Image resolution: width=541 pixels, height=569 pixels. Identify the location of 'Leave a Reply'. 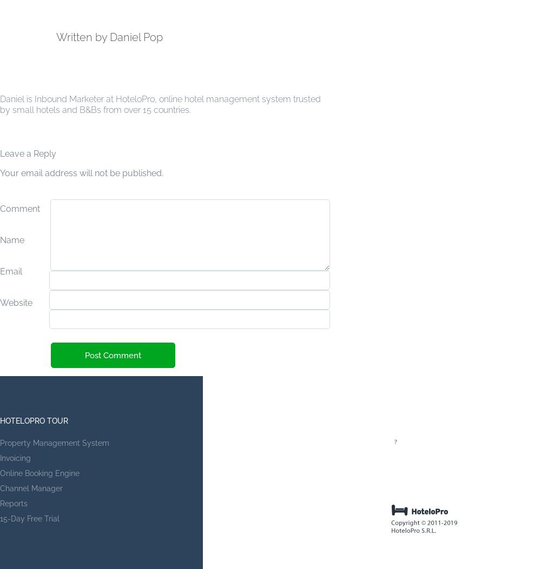
(28, 153).